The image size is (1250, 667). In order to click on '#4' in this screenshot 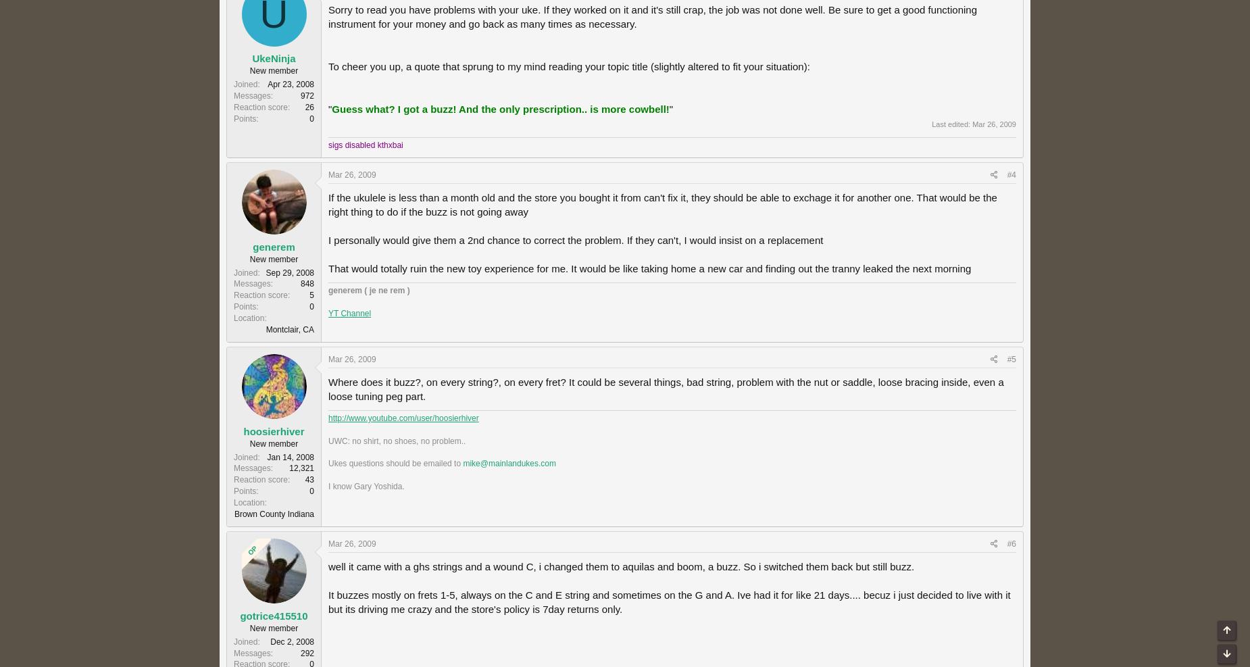, I will do `click(1011, 174)`.